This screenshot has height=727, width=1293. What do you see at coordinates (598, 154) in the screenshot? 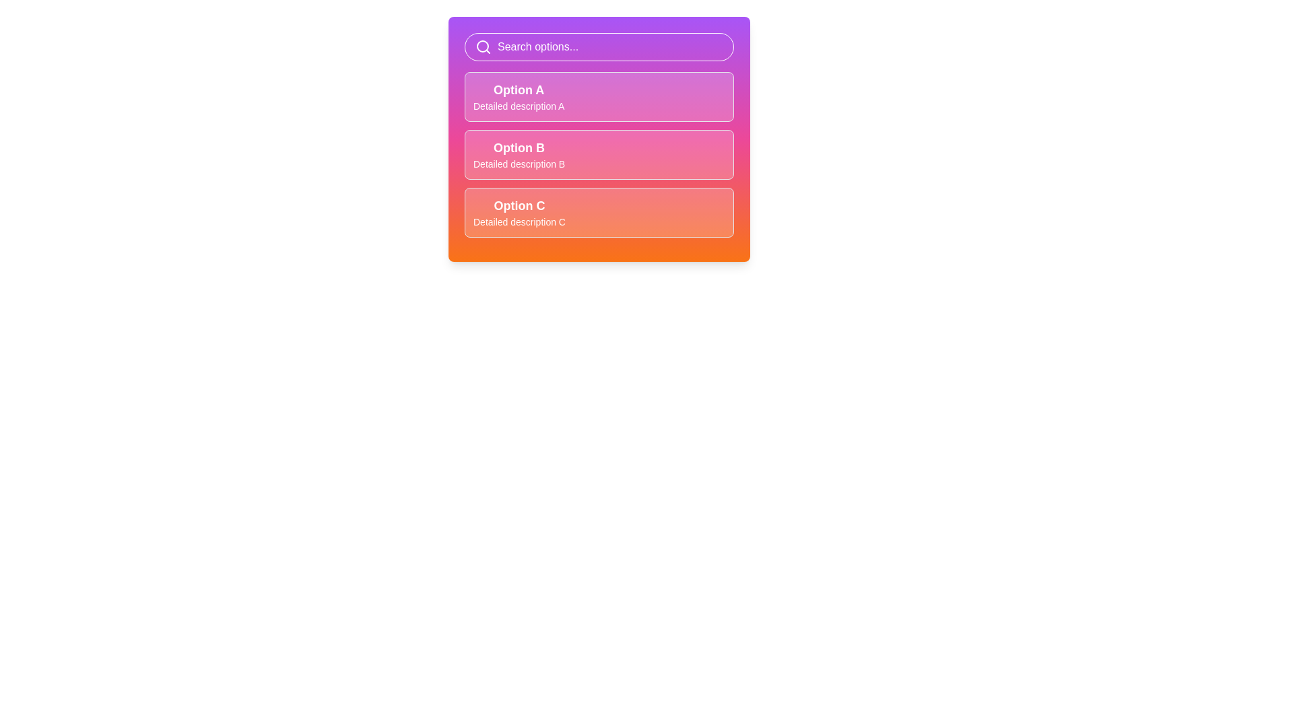
I see `the selectable list option titled 'Option B' with a gradient background` at bounding box center [598, 154].